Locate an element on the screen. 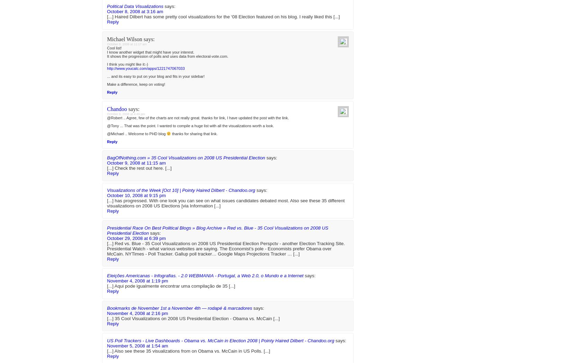  'Michael Wilson' is located at coordinates (125, 276).